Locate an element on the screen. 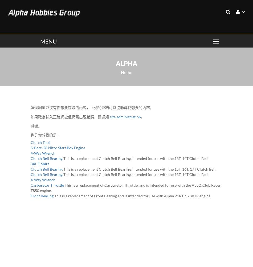 The width and height of the screenshot is (253, 267). 'Front Bearing' is located at coordinates (42, 195).